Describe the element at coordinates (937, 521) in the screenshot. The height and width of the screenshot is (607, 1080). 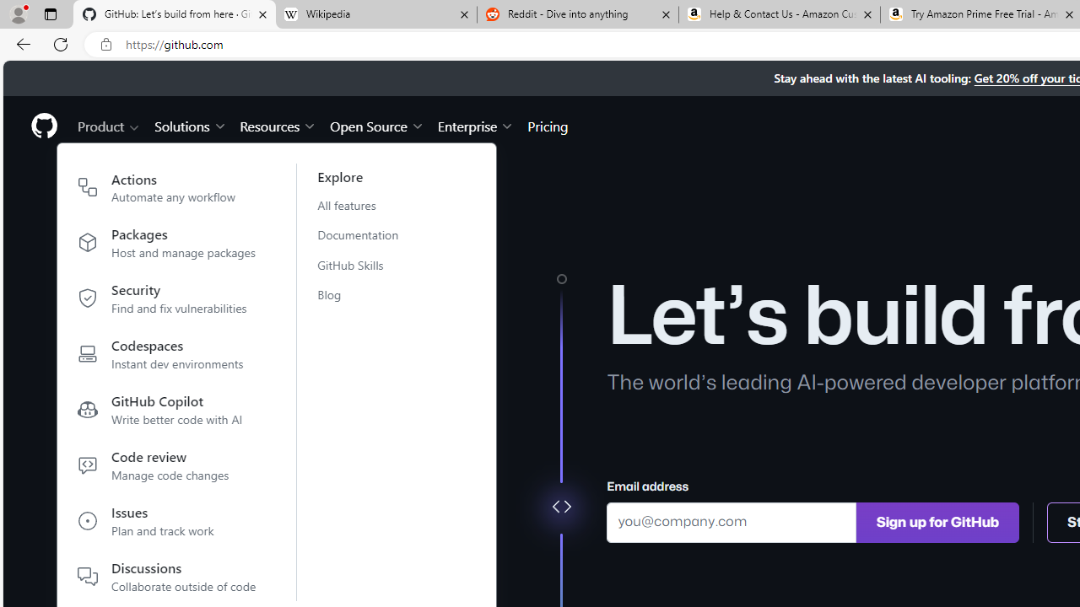
I see `'Sign up for GitHub'` at that location.